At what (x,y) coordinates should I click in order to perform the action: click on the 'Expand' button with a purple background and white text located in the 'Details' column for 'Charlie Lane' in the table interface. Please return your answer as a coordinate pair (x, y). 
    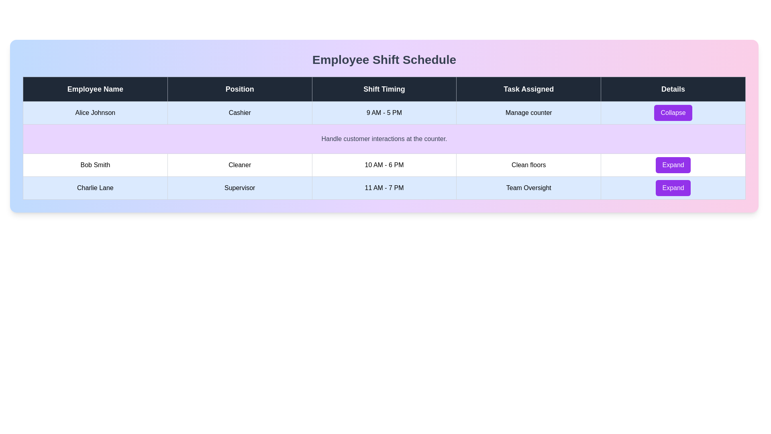
    Looking at the image, I should click on (673, 188).